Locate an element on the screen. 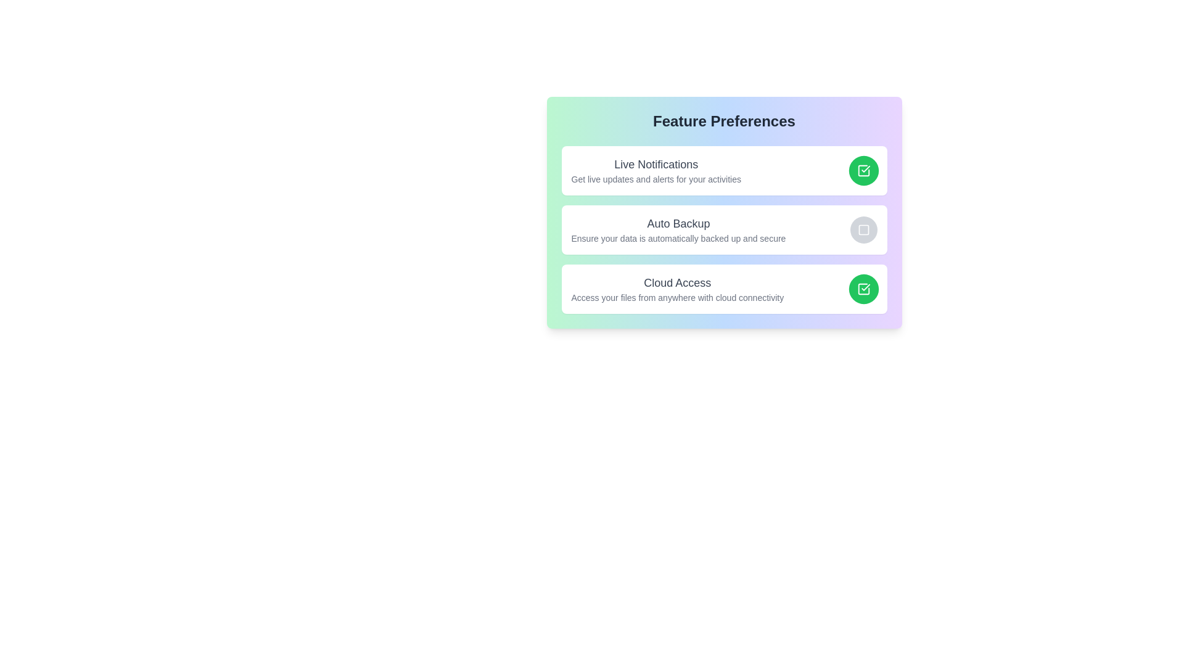 The image size is (1184, 666). the green selectable visual indicator located at the top-right corner of the 'Live Notifications' option card is located at coordinates (863, 171).